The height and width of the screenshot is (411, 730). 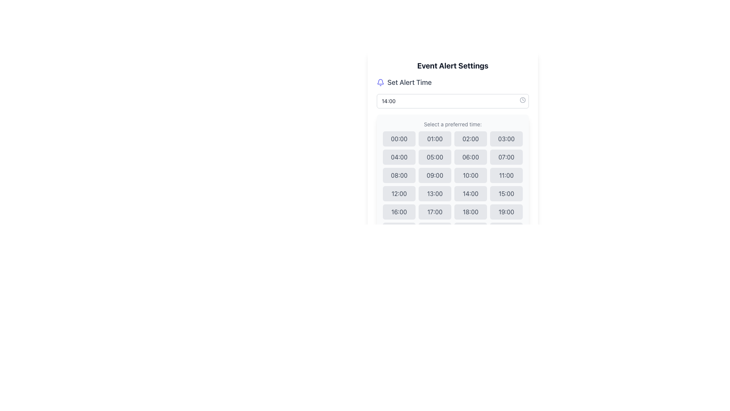 I want to click on the rectangular button labeled '03:00' located in the first row, fourth column of a grid layout, so click(x=506, y=139).